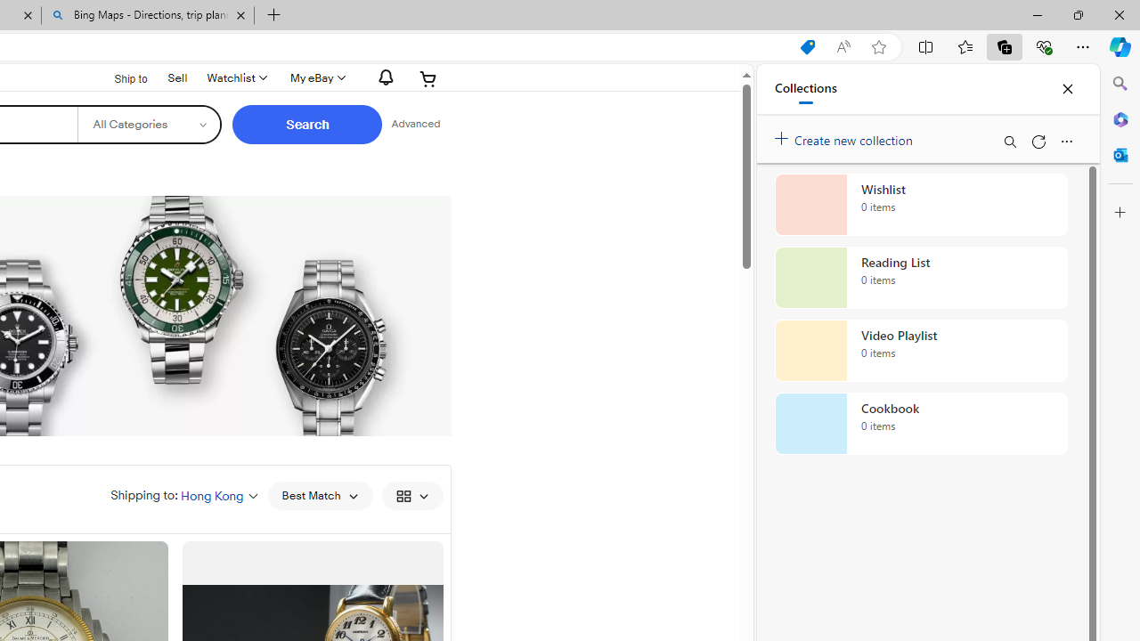 This screenshot has width=1140, height=641. What do you see at coordinates (428, 77) in the screenshot?
I see `'Expand Cart'` at bounding box center [428, 77].